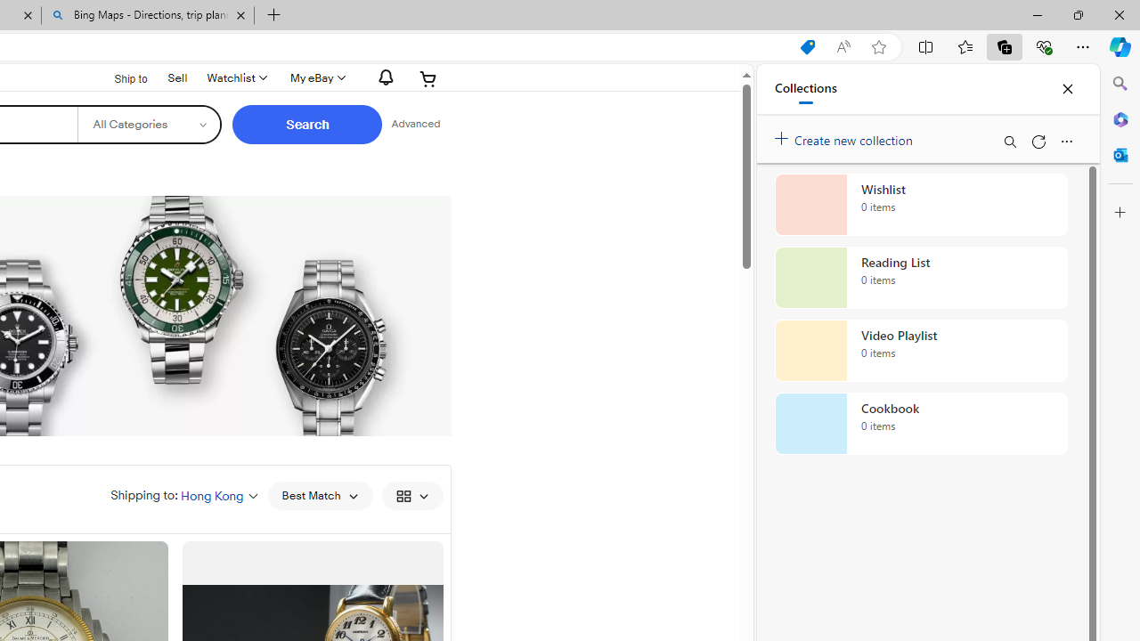 This screenshot has width=1140, height=641. What do you see at coordinates (428, 77) in the screenshot?
I see `'Expand Cart'` at bounding box center [428, 77].